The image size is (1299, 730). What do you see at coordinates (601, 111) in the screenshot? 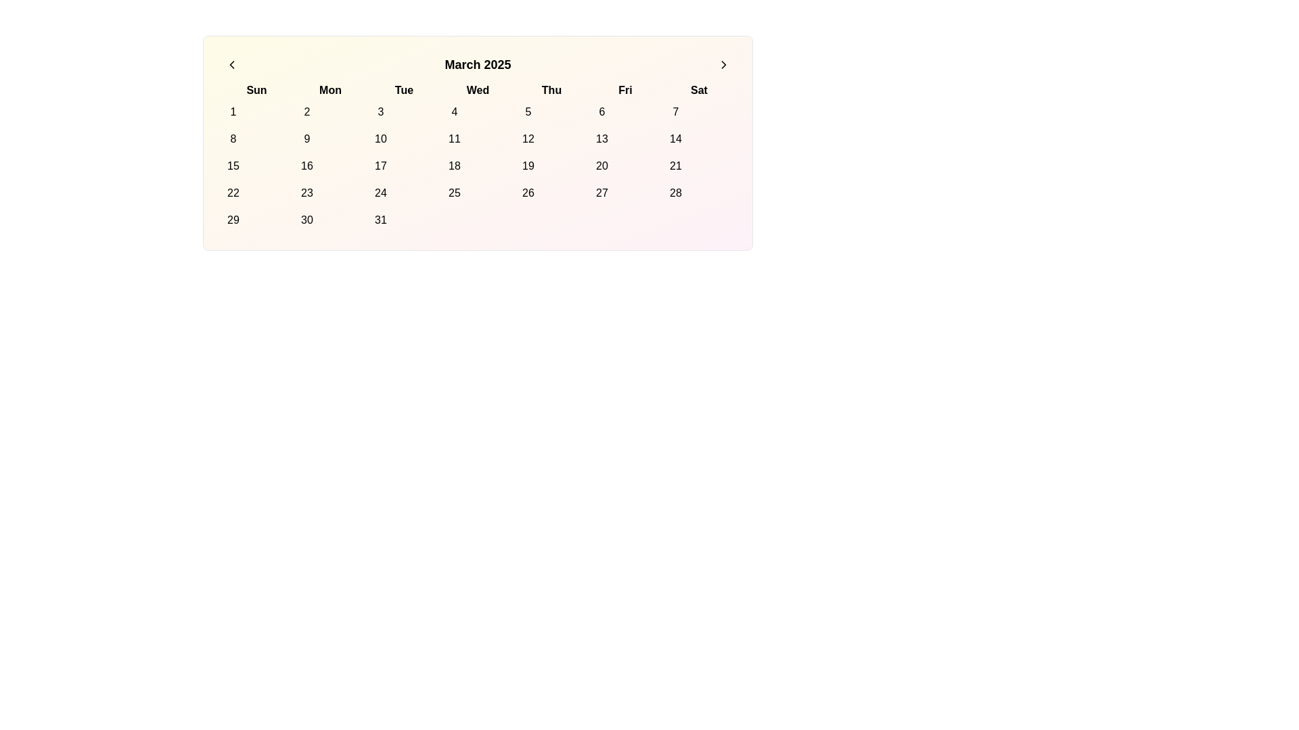
I see `the button representing the sixth day of the month in the calendar view, located in the top row under the 'Fri' column` at bounding box center [601, 111].